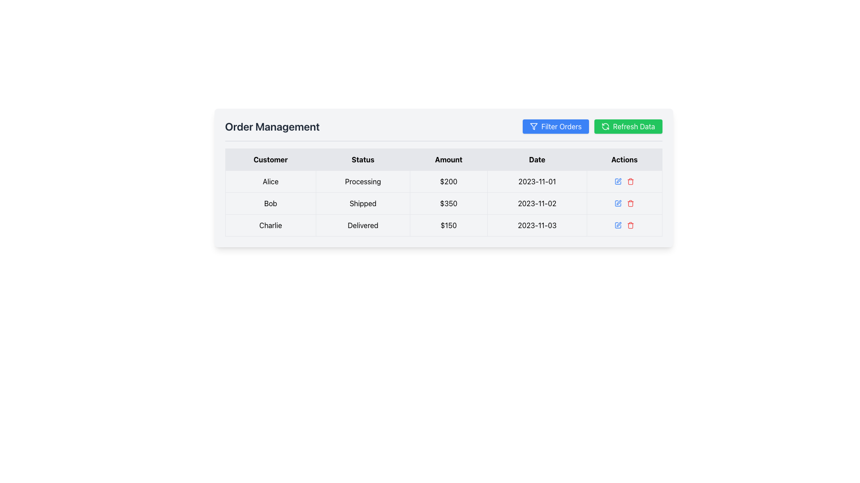 Image resolution: width=860 pixels, height=483 pixels. I want to click on the Text Label displaying 'Charlie' in the last row of the table under the 'Customer' column, so click(270, 225).